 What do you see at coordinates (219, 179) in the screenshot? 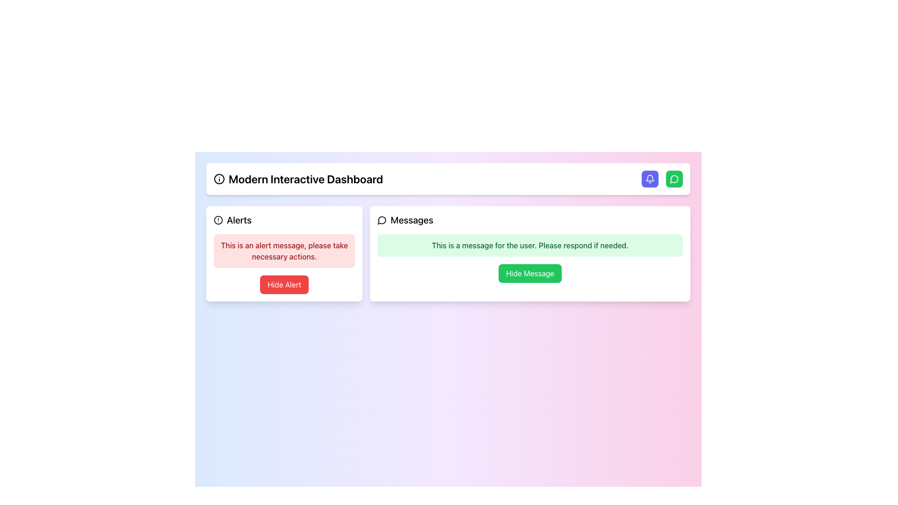
I see `the info or help icon located to the left of the title 'Modern Interactive Dashboard', which is a circular icon with an outlined border` at bounding box center [219, 179].